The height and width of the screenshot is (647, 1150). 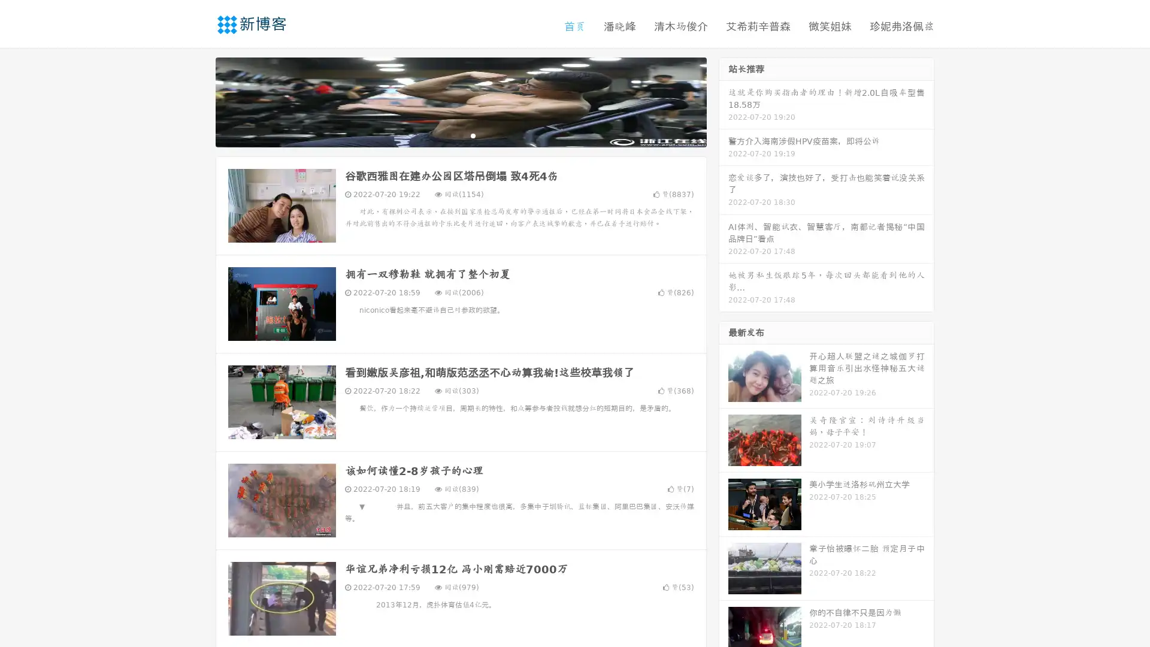 I want to click on Previous slide, so click(x=198, y=101).